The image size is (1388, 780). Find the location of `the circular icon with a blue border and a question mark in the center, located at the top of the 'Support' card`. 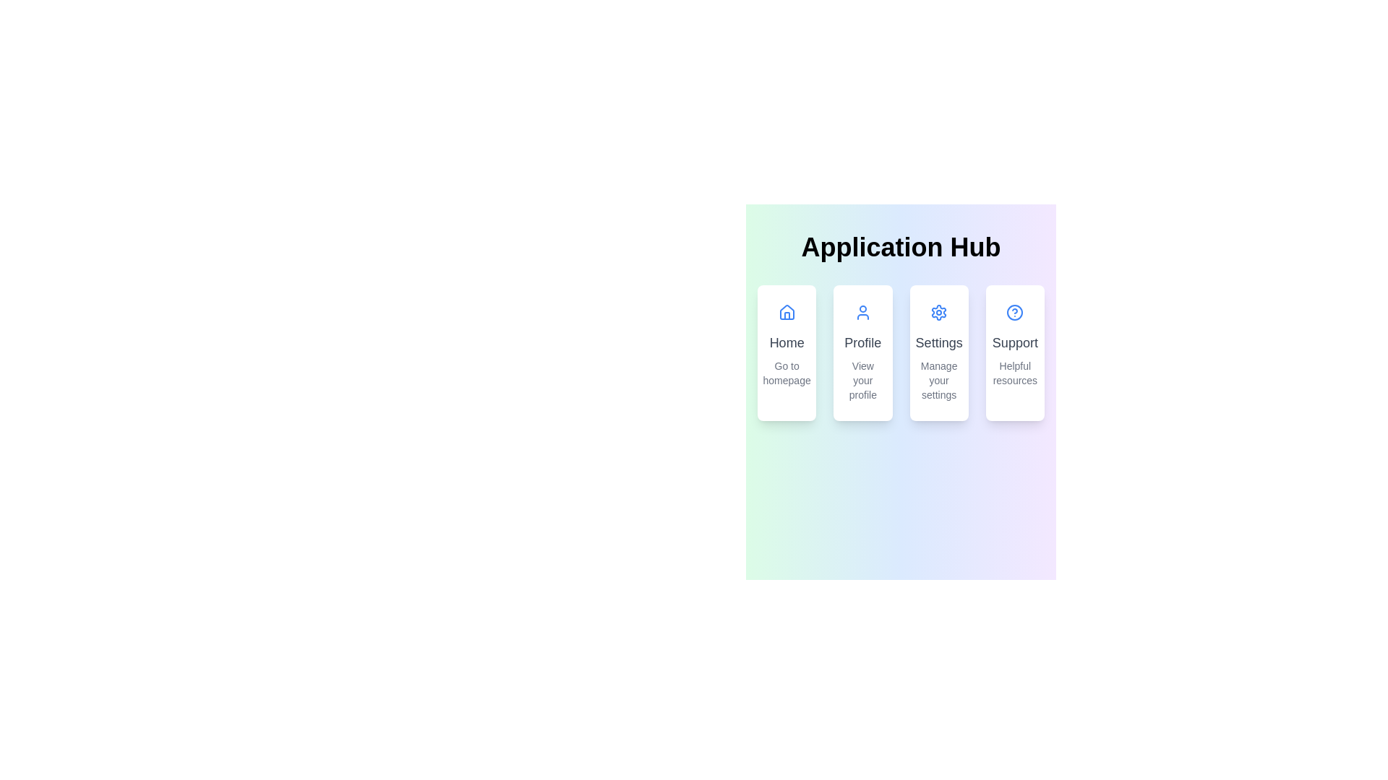

the circular icon with a blue border and a question mark in the center, located at the top of the 'Support' card is located at coordinates (1014, 311).